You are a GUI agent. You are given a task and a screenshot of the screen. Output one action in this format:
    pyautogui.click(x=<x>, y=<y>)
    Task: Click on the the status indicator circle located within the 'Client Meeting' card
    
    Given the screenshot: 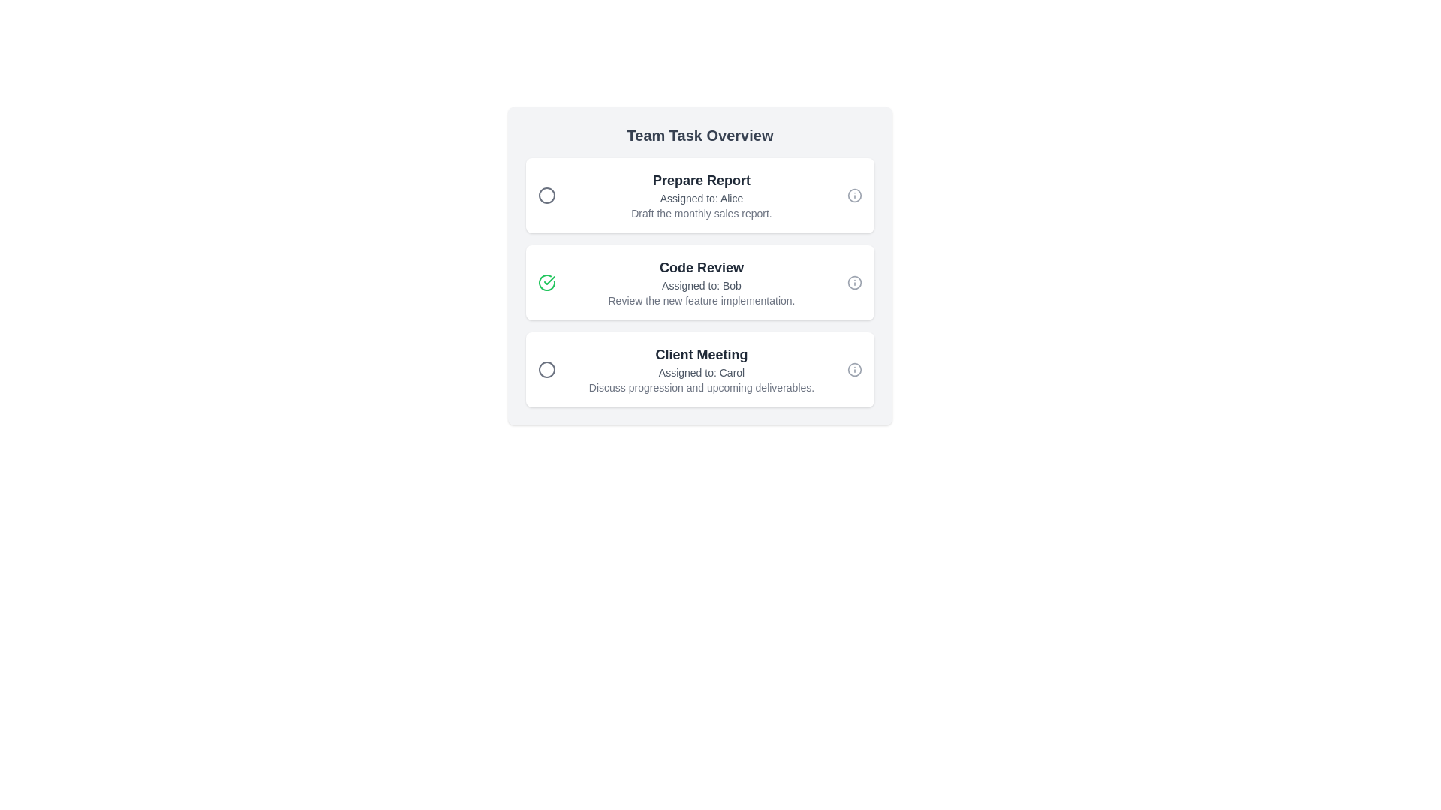 What is the action you would take?
    pyautogui.click(x=546, y=370)
    